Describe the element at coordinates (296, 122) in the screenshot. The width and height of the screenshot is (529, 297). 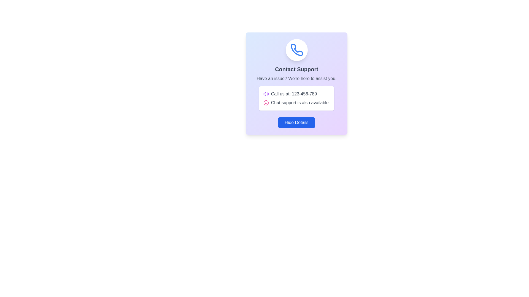
I see `the button used to toggle the visibility of details in the 'Contact Support' card by` at that location.